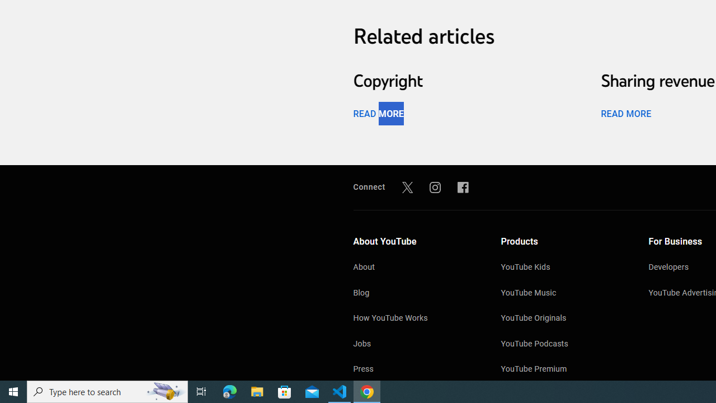 Image resolution: width=716 pixels, height=403 pixels. What do you see at coordinates (563, 319) in the screenshot?
I see `'YouTube Originals'` at bounding box center [563, 319].